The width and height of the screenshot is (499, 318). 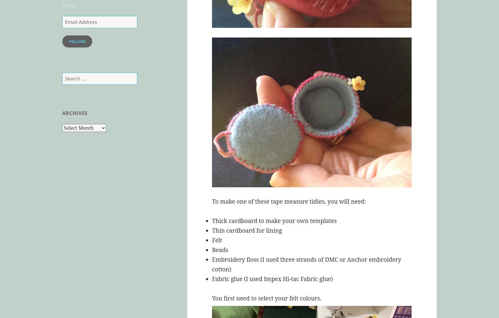 What do you see at coordinates (274, 221) in the screenshot?
I see `'Thick cardboard to make your own templates'` at bounding box center [274, 221].